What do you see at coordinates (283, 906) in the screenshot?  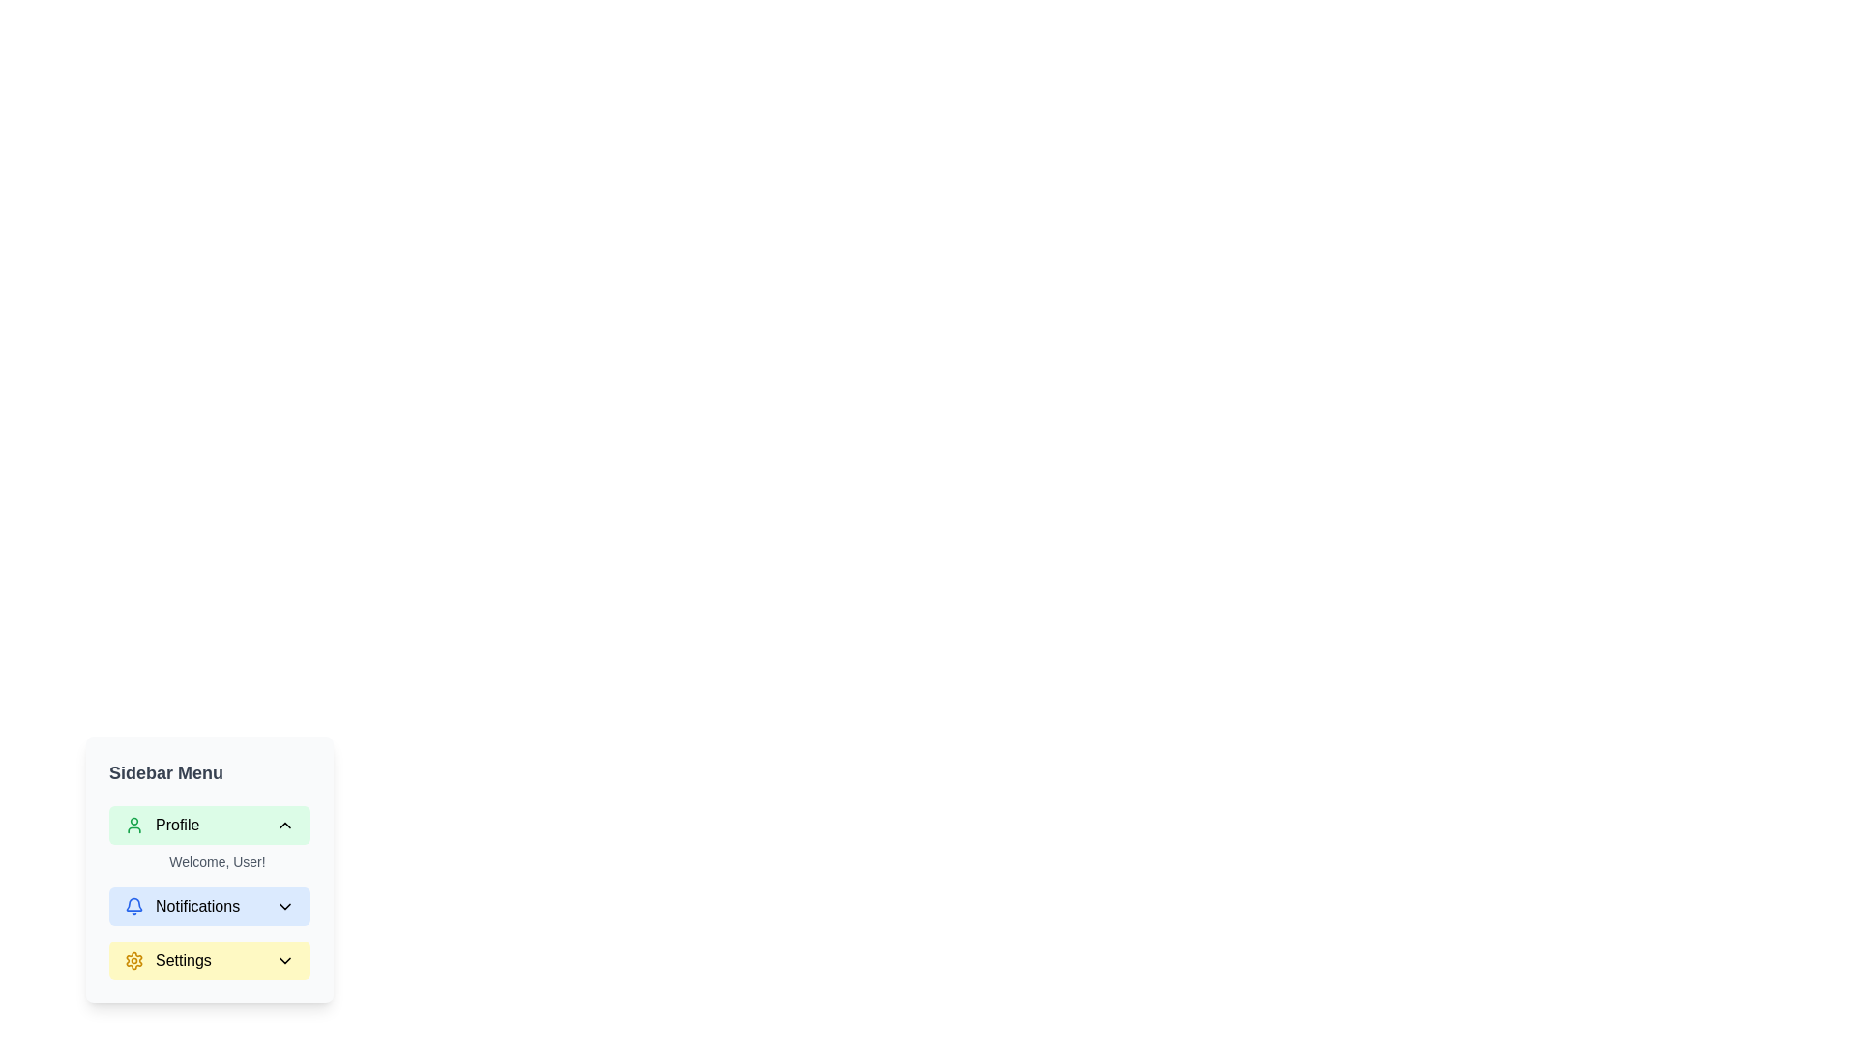 I see `the downward-facing chevron icon at the right end of the 'Notifications' menu item` at bounding box center [283, 906].